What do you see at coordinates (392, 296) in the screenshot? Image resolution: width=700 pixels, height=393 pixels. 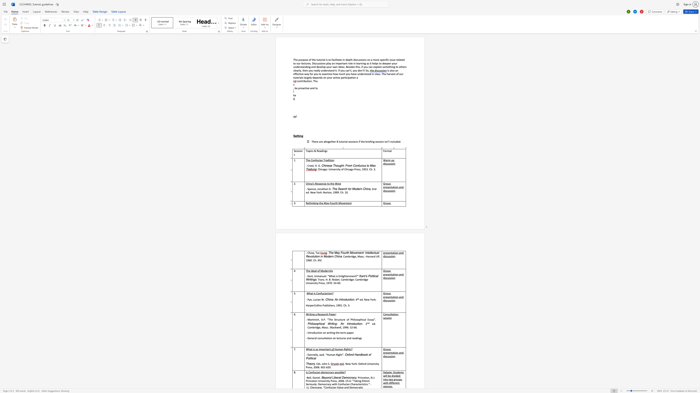 I see `the 1th character "t" in the text` at bounding box center [392, 296].